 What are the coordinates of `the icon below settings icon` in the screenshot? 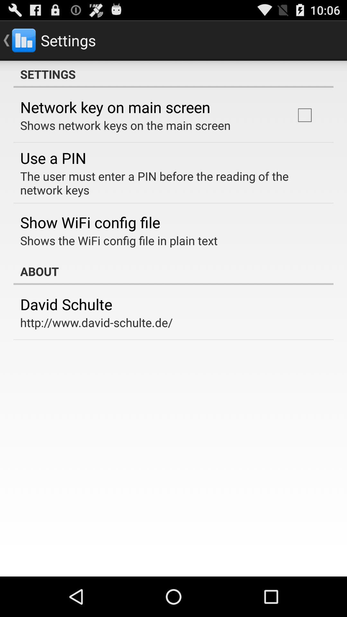 It's located at (304, 115).